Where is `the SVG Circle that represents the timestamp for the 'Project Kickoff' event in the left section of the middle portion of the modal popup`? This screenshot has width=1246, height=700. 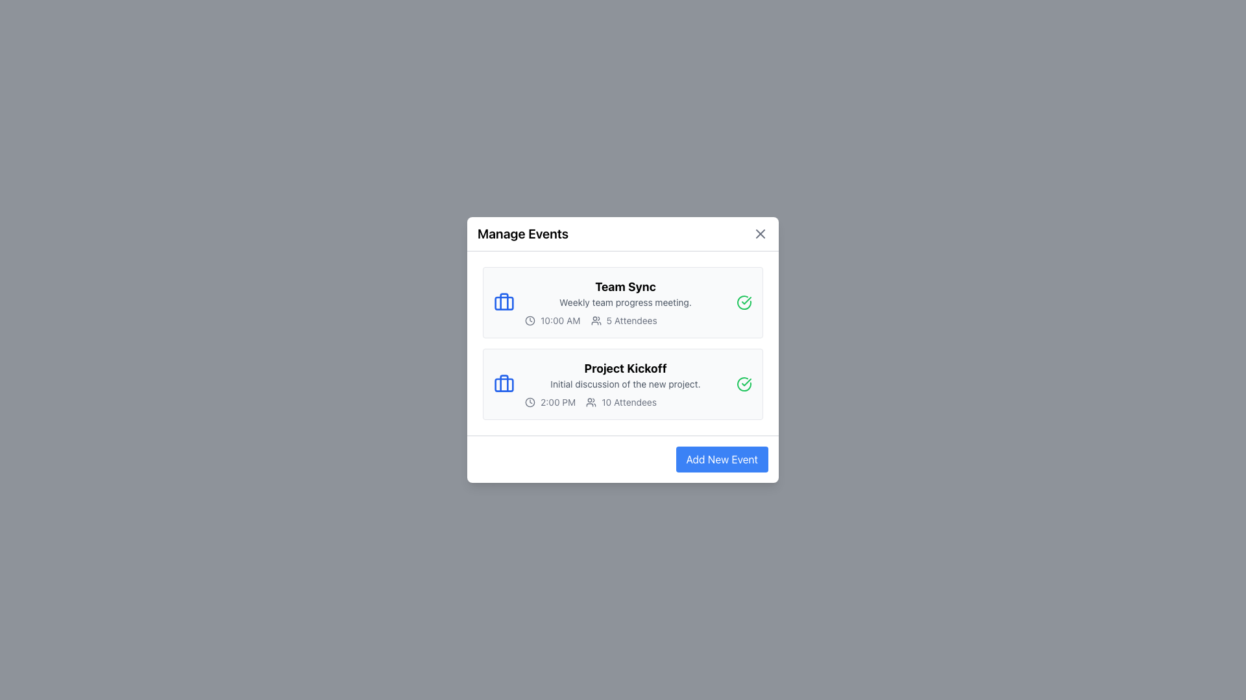 the SVG Circle that represents the timestamp for the 'Project Kickoff' event in the left section of the middle portion of the modal popup is located at coordinates (530, 402).